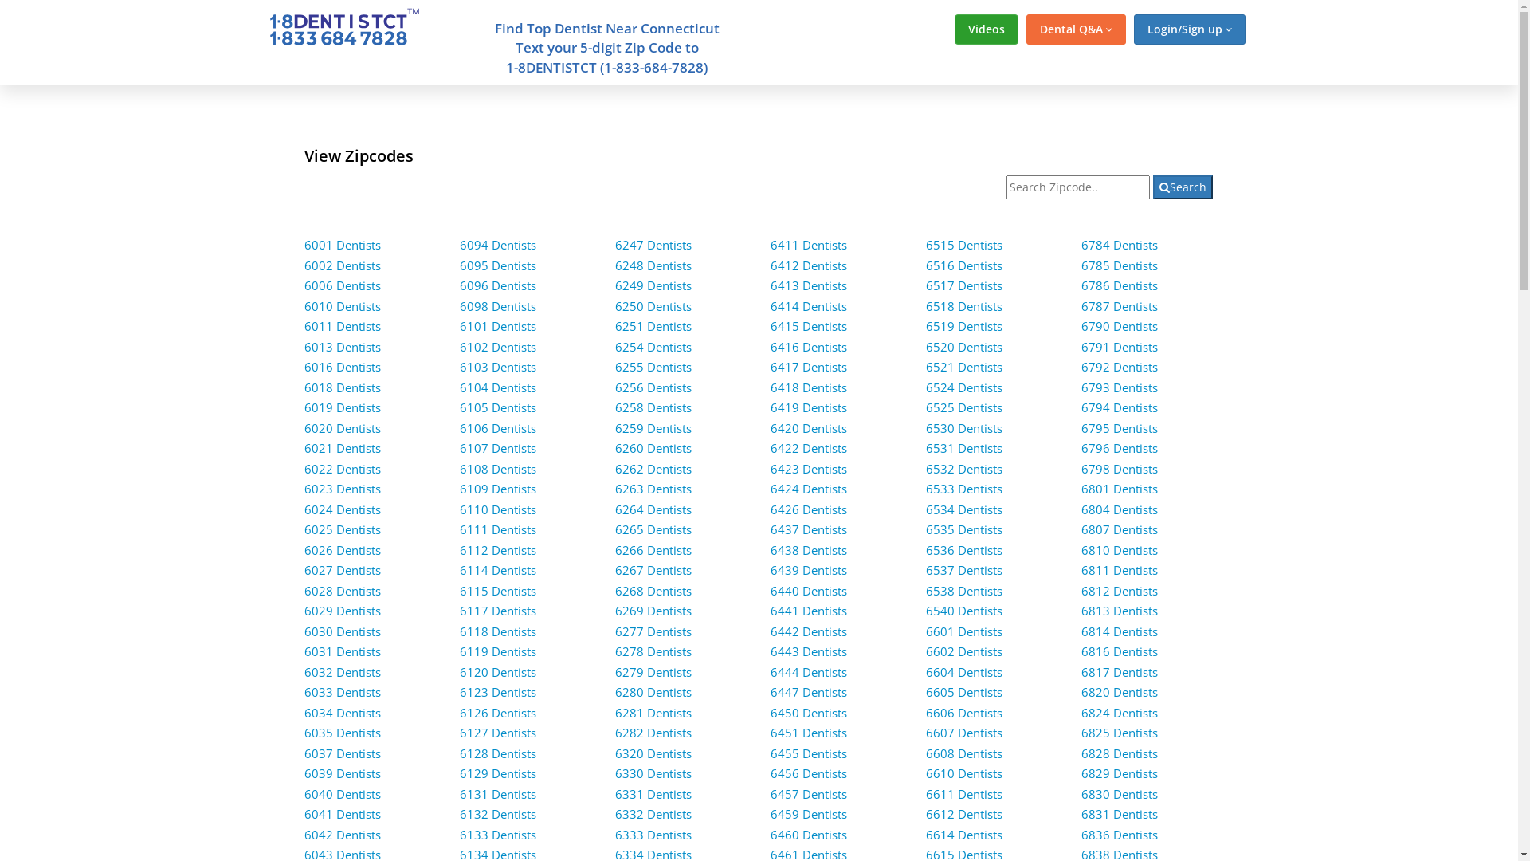 The image size is (1530, 861). Describe the element at coordinates (496, 448) in the screenshot. I see `'6107 Dentists'` at that location.